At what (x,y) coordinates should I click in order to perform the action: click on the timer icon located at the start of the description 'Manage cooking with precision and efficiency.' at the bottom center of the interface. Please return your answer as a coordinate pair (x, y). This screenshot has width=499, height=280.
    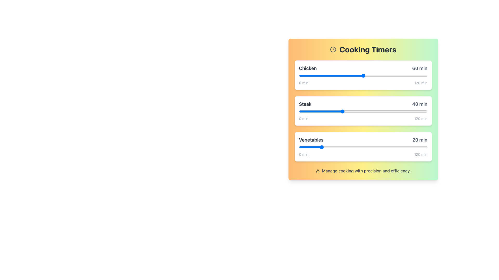
    Looking at the image, I should click on (317, 171).